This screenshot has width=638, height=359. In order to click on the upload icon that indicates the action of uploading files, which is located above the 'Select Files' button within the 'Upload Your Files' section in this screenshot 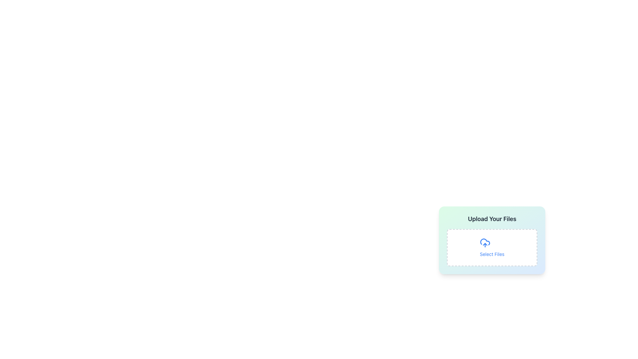, I will do `click(485, 243)`.